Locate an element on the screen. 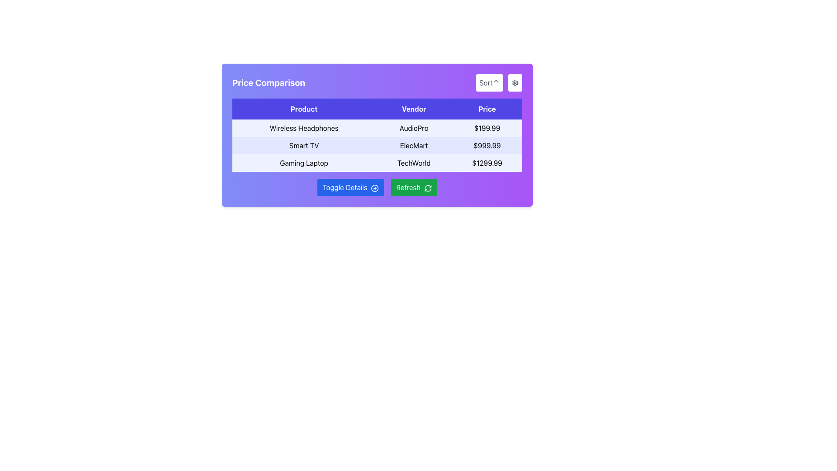 The image size is (837, 471). the second row of the table displaying 'Smart TV', 'ElecMart', and '$999.99' under the respective headers 'Product', 'Vendor', and 'Price' is located at coordinates (377, 145).